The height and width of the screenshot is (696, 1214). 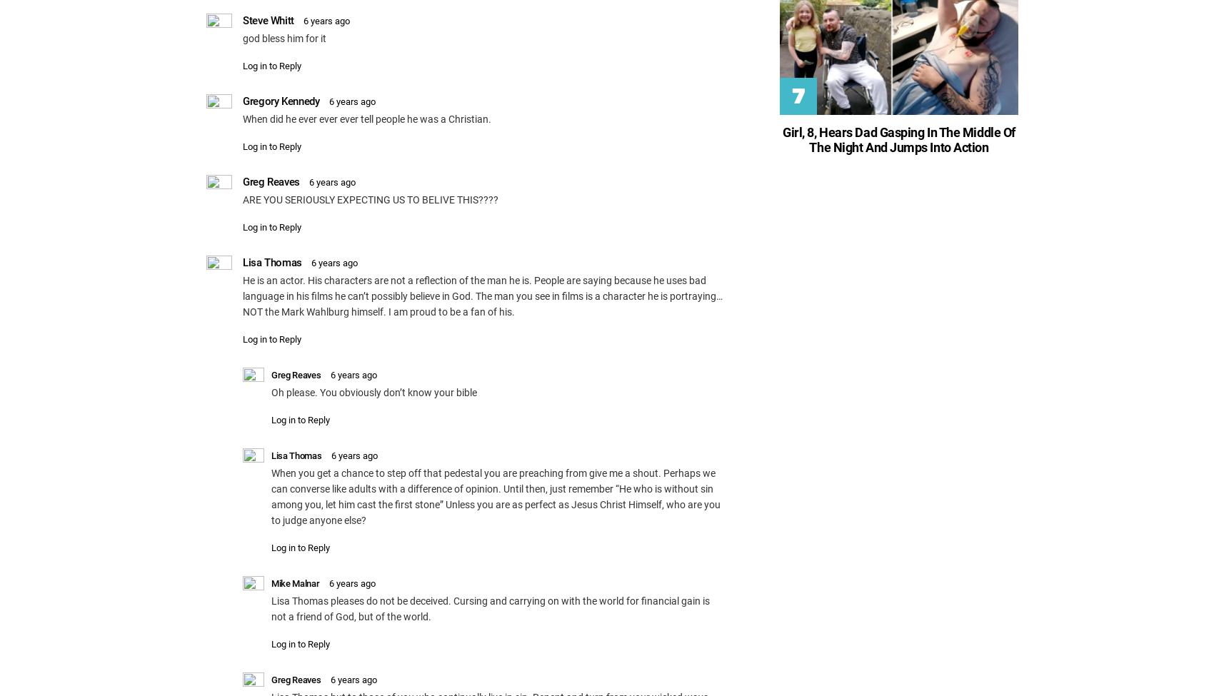 What do you see at coordinates (373, 391) in the screenshot?
I see `'Oh please. You obviously don’t know your bible'` at bounding box center [373, 391].